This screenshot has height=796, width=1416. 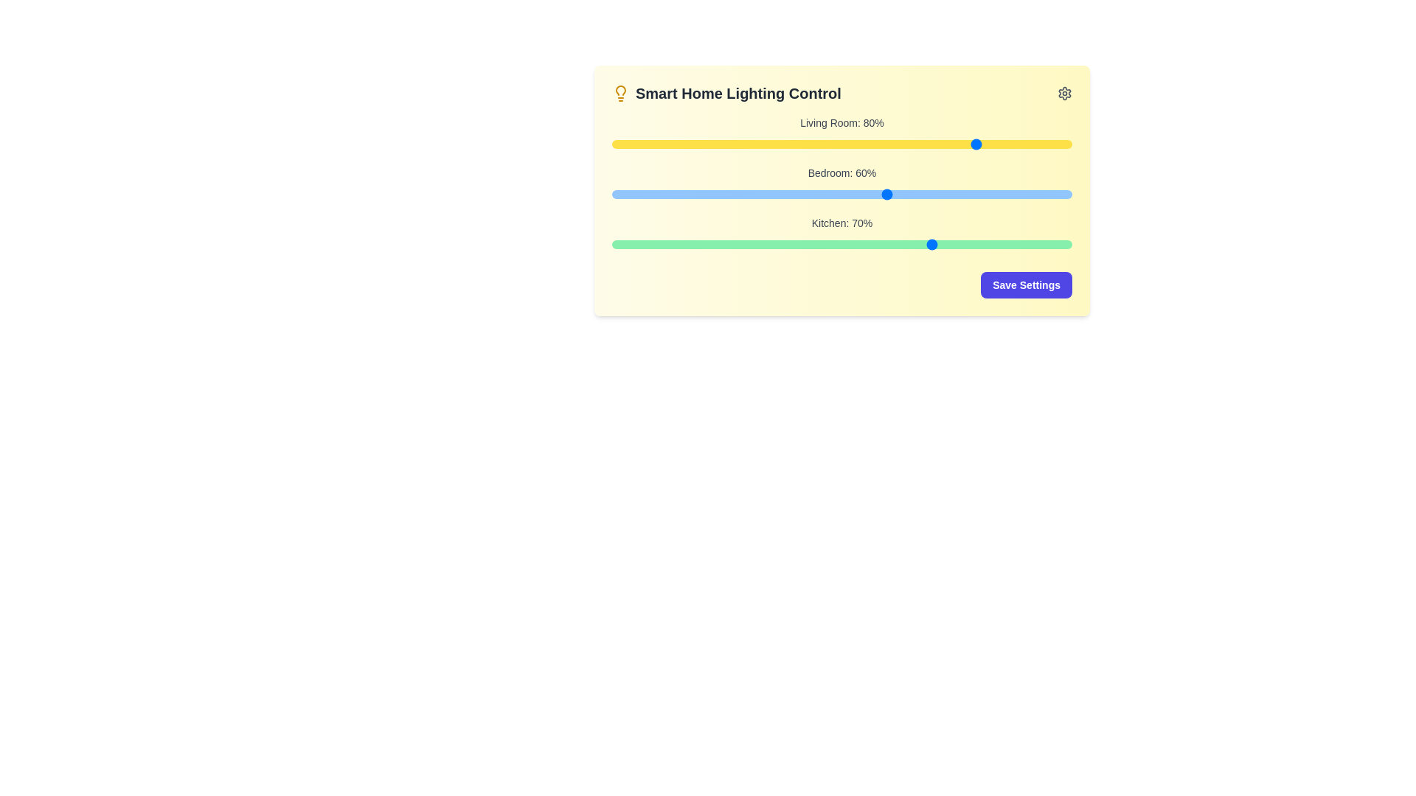 I want to click on the living room light intensity, so click(x=662, y=144).